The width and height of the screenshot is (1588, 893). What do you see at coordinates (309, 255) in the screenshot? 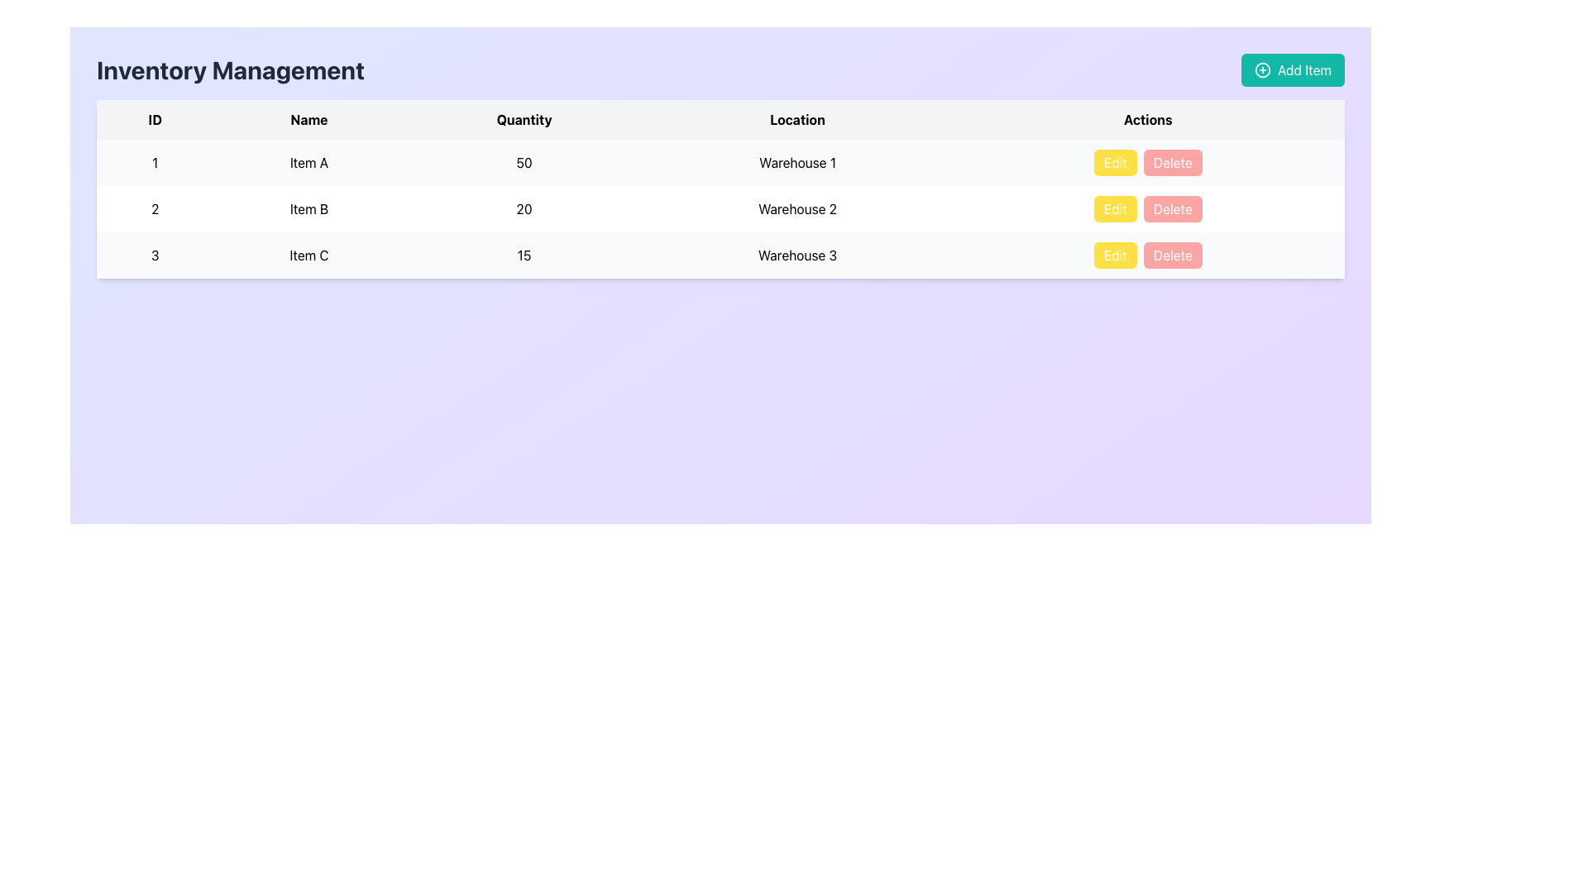
I see `the Table Cell that visually identifies the item name 'Item C' located in the third row, second column of the table` at bounding box center [309, 255].